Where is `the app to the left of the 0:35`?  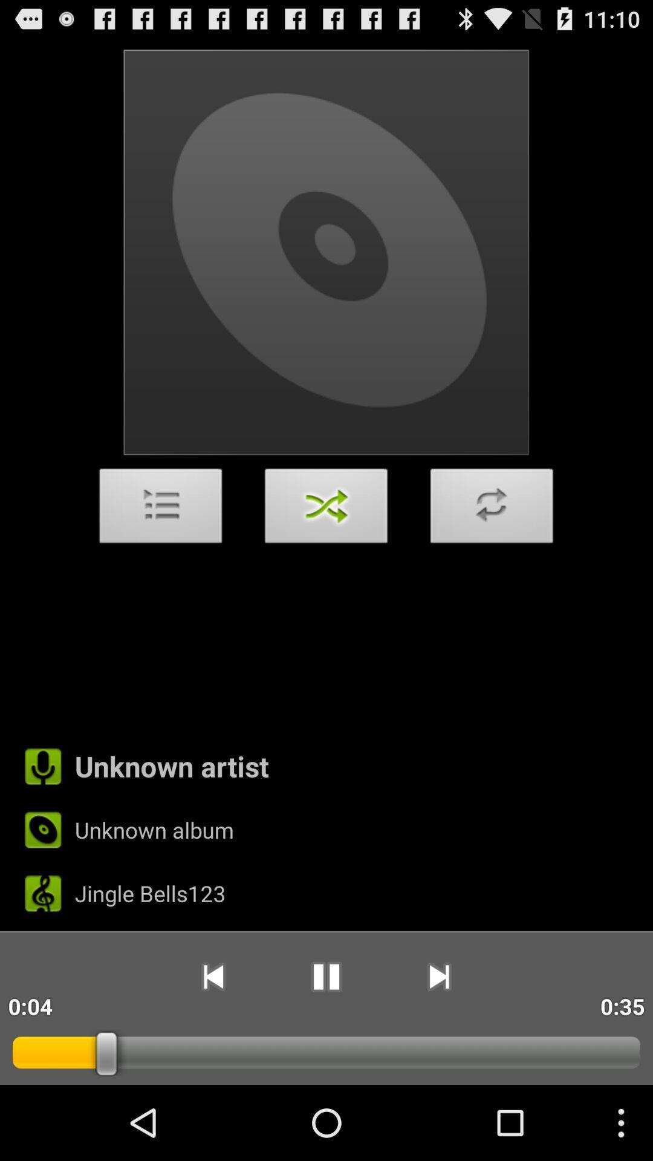
the app to the left of the 0:35 is located at coordinates (439, 977).